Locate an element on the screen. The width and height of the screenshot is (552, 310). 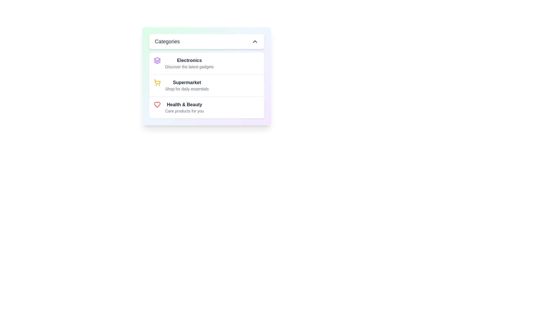
the descriptive text label located directly below the 'Supermarket' text item in the 'Categories' list is located at coordinates (187, 89).